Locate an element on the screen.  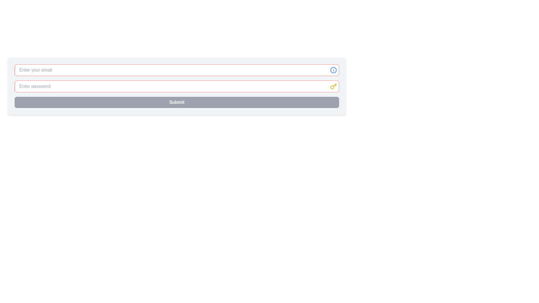
the email input field, which is the first input form field located above the password input box, to focus on it is located at coordinates (176, 70).